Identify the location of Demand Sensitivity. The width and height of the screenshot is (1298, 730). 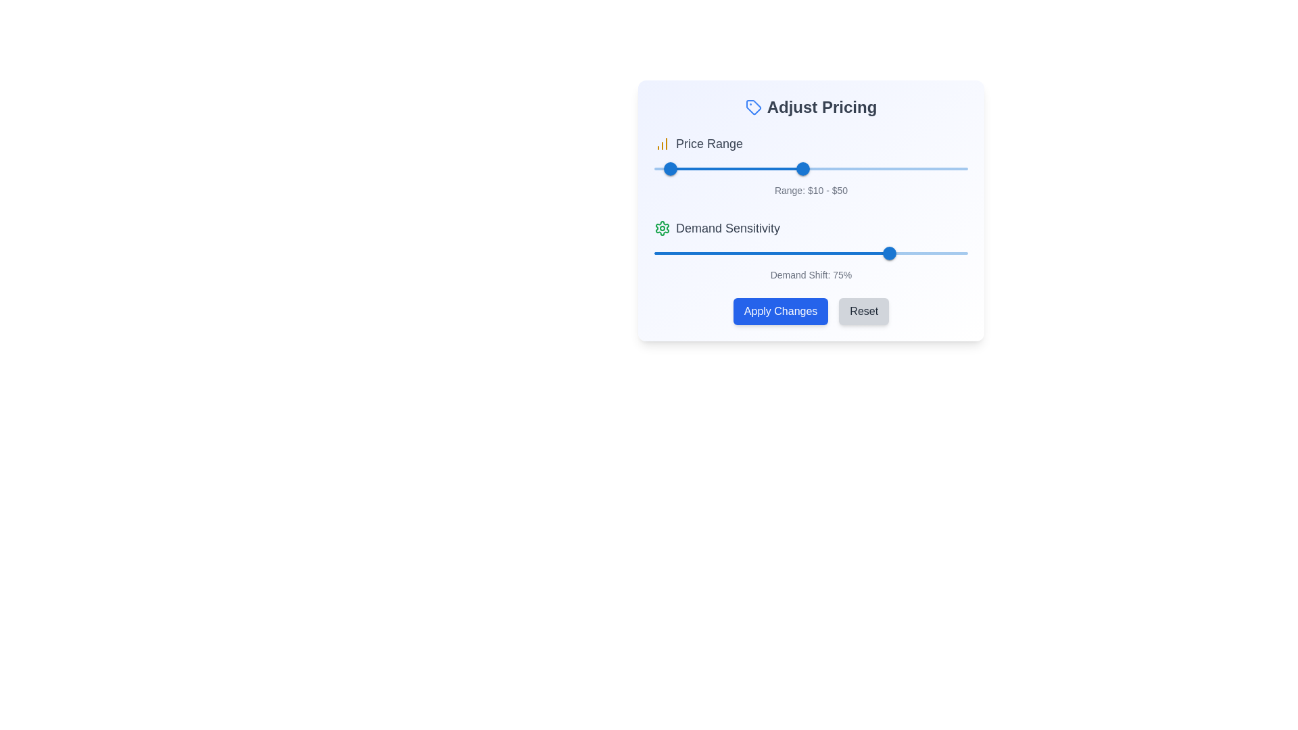
(723, 253).